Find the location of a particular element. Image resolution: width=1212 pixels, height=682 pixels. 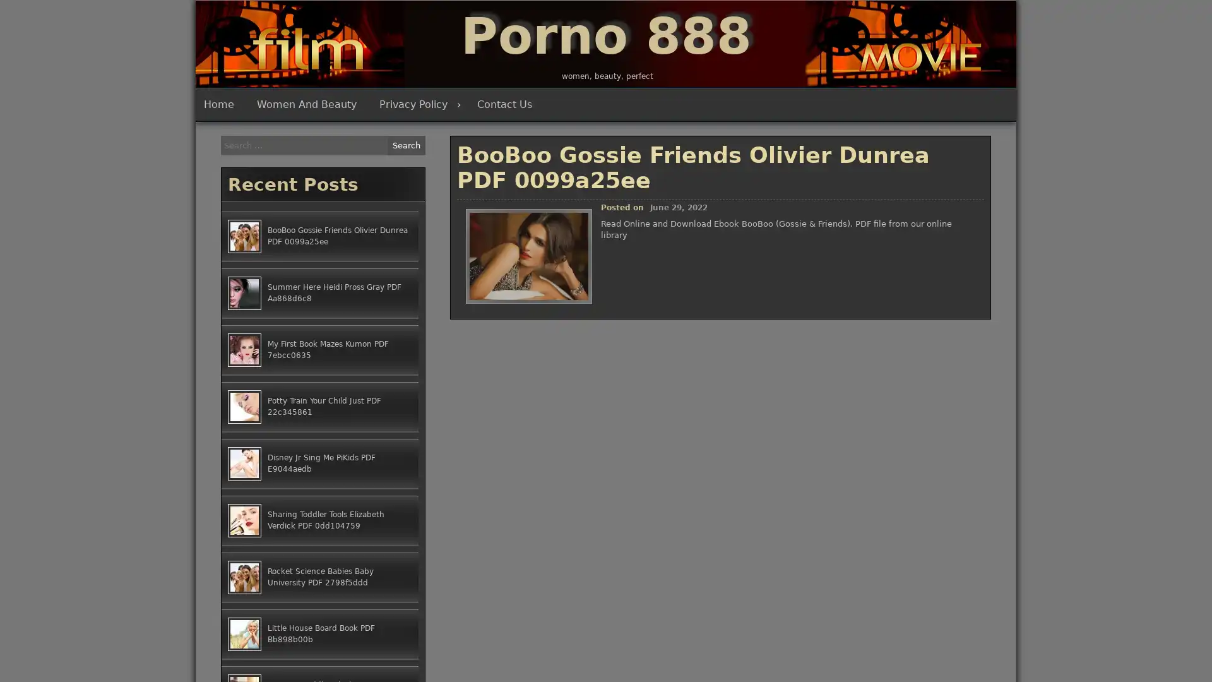

Search is located at coordinates (406, 145).